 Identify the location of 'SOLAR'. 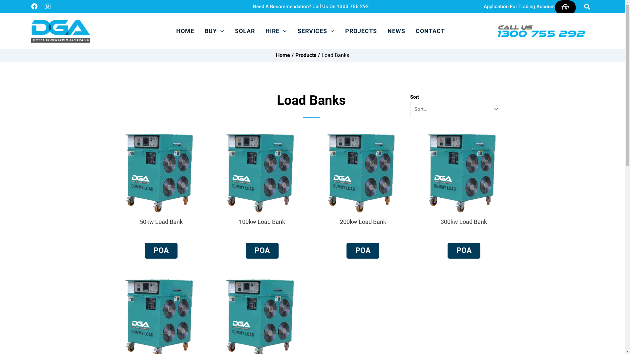
(231, 31).